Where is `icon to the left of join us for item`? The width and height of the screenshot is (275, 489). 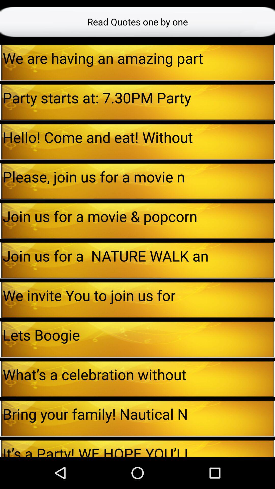 icon to the left of join us for item is located at coordinates (1, 221).